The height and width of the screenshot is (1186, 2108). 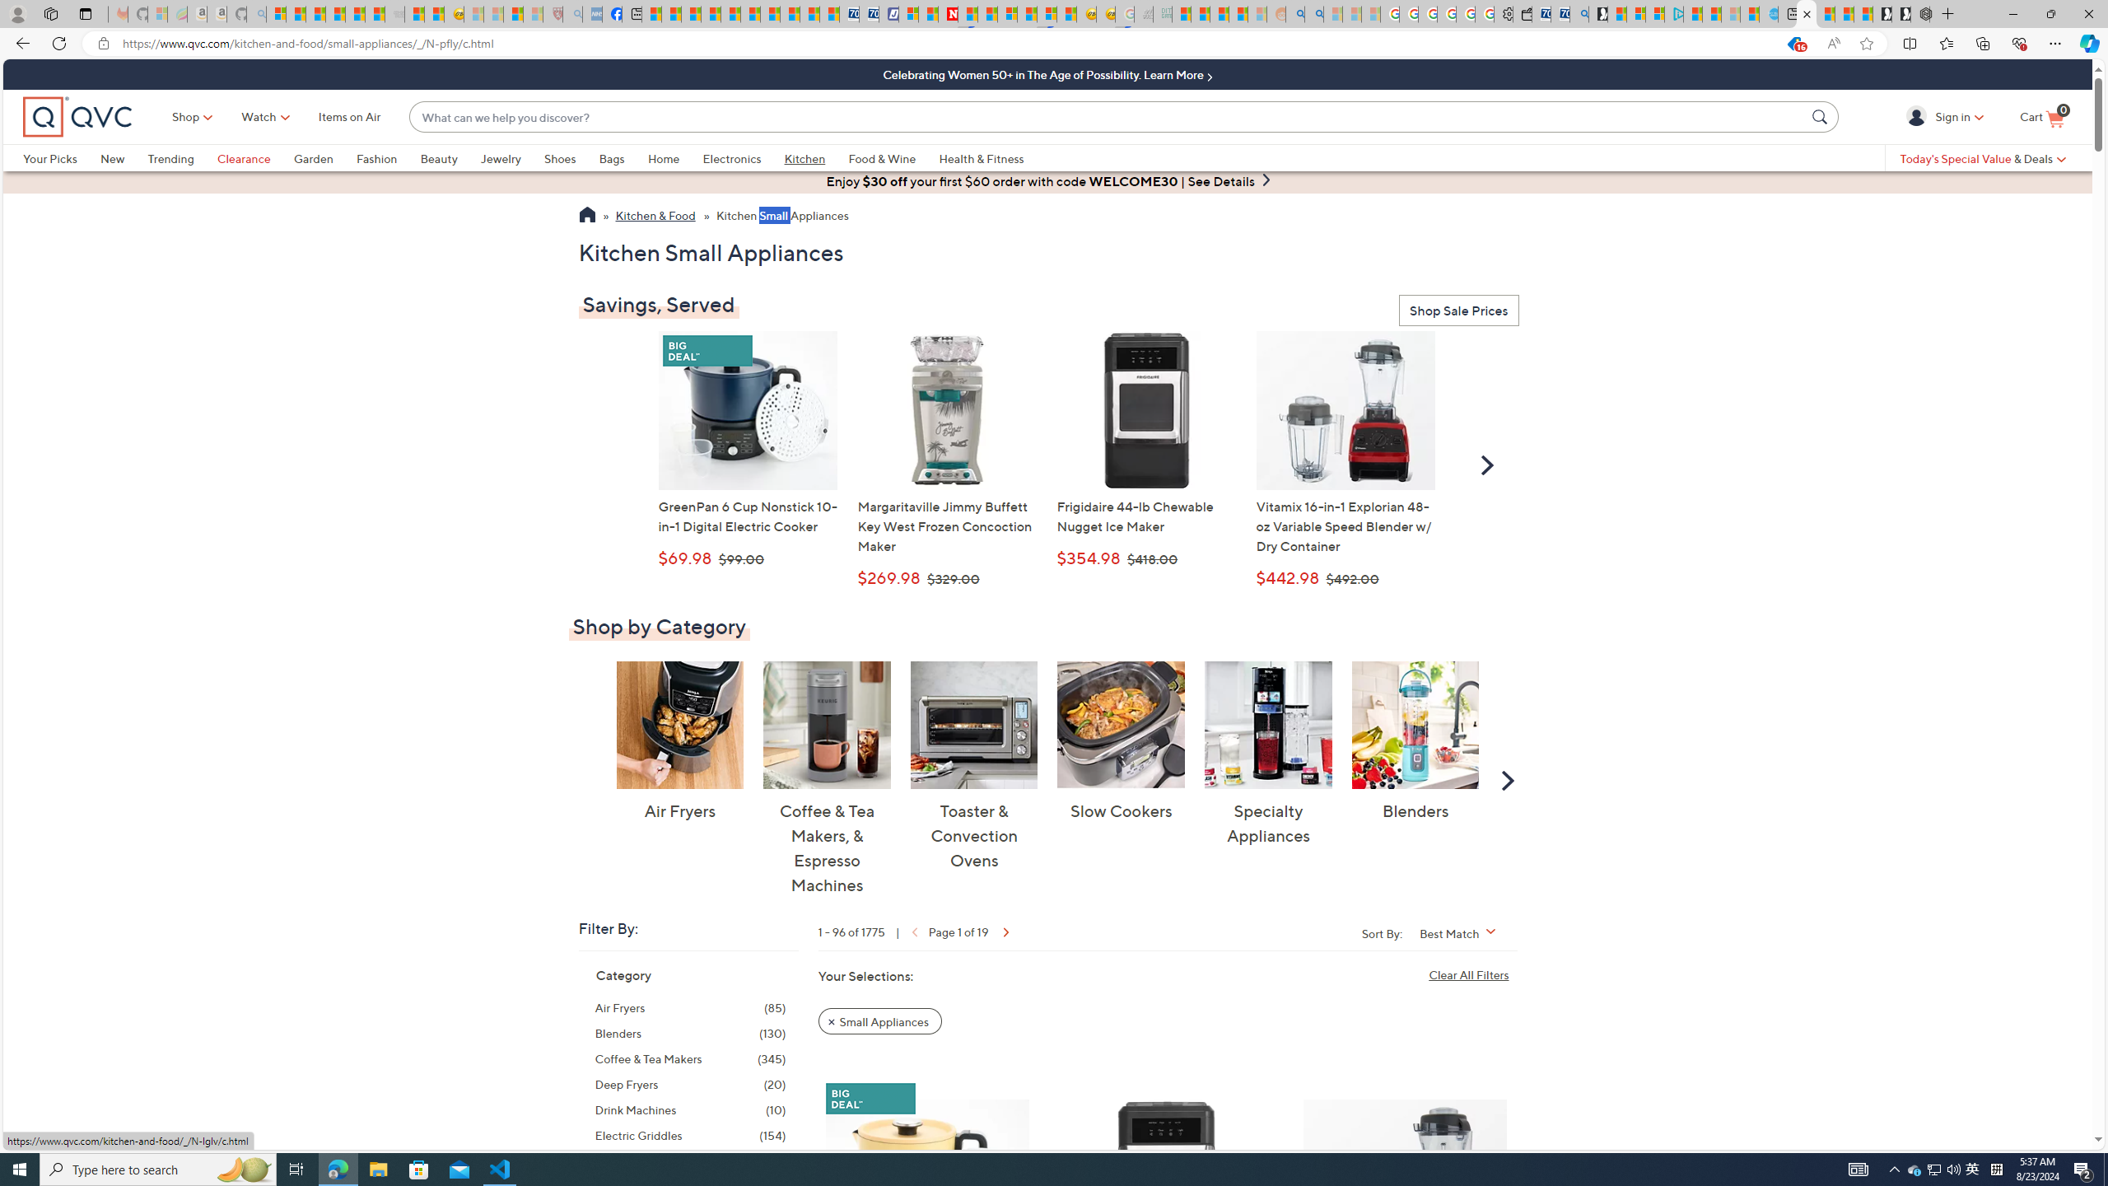 What do you see at coordinates (804, 157) in the screenshot?
I see `'Kitchen'` at bounding box center [804, 157].